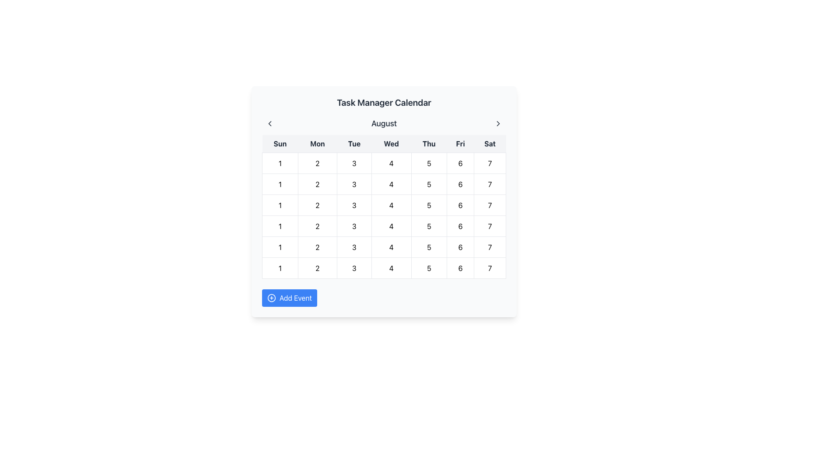 The height and width of the screenshot is (472, 840). What do you see at coordinates (269, 123) in the screenshot?
I see `the Chevron button located to the left of the 'August' text title in the calendar header` at bounding box center [269, 123].